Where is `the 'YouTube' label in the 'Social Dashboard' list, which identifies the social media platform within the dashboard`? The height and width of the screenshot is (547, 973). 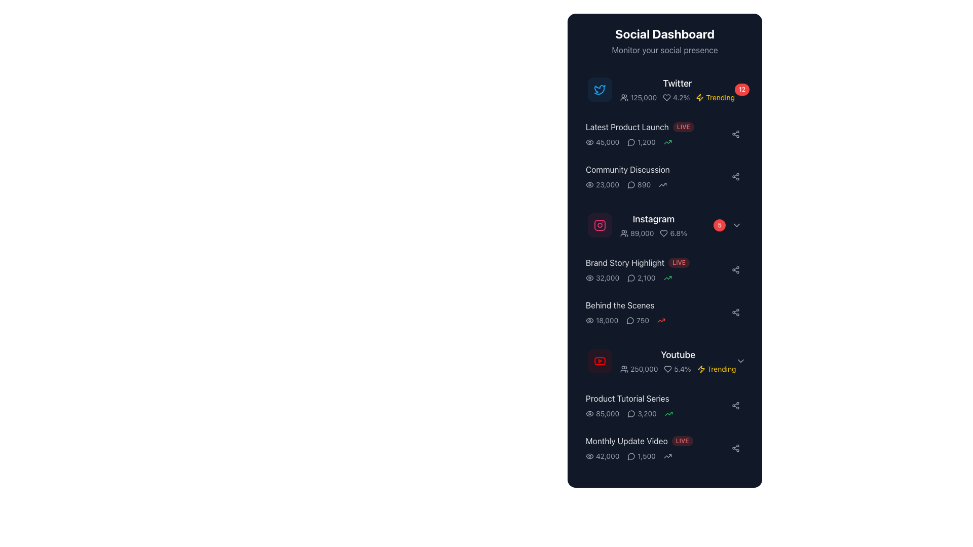
the 'YouTube' label in the 'Social Dashboard' list, which identifies the social media platform within the dashboard is located at coordinates (678, 355).